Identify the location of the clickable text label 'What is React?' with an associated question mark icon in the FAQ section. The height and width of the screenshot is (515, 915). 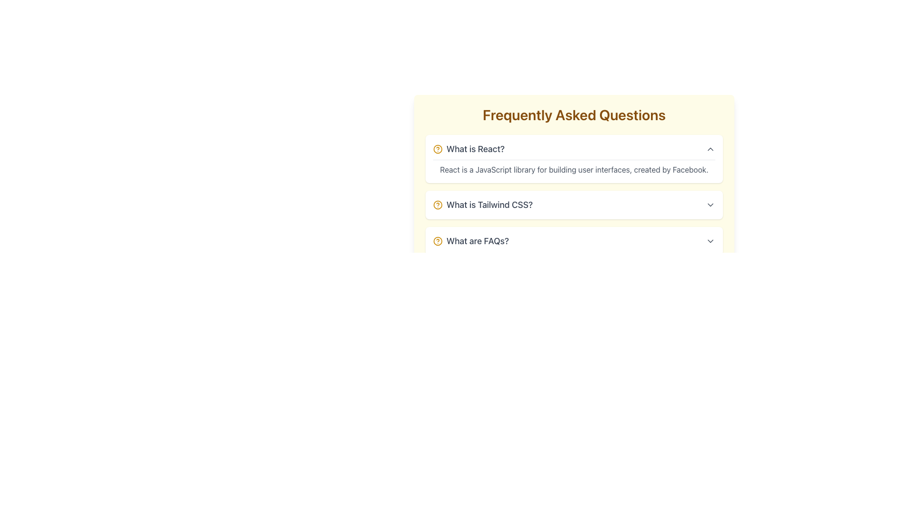
(468, 149).